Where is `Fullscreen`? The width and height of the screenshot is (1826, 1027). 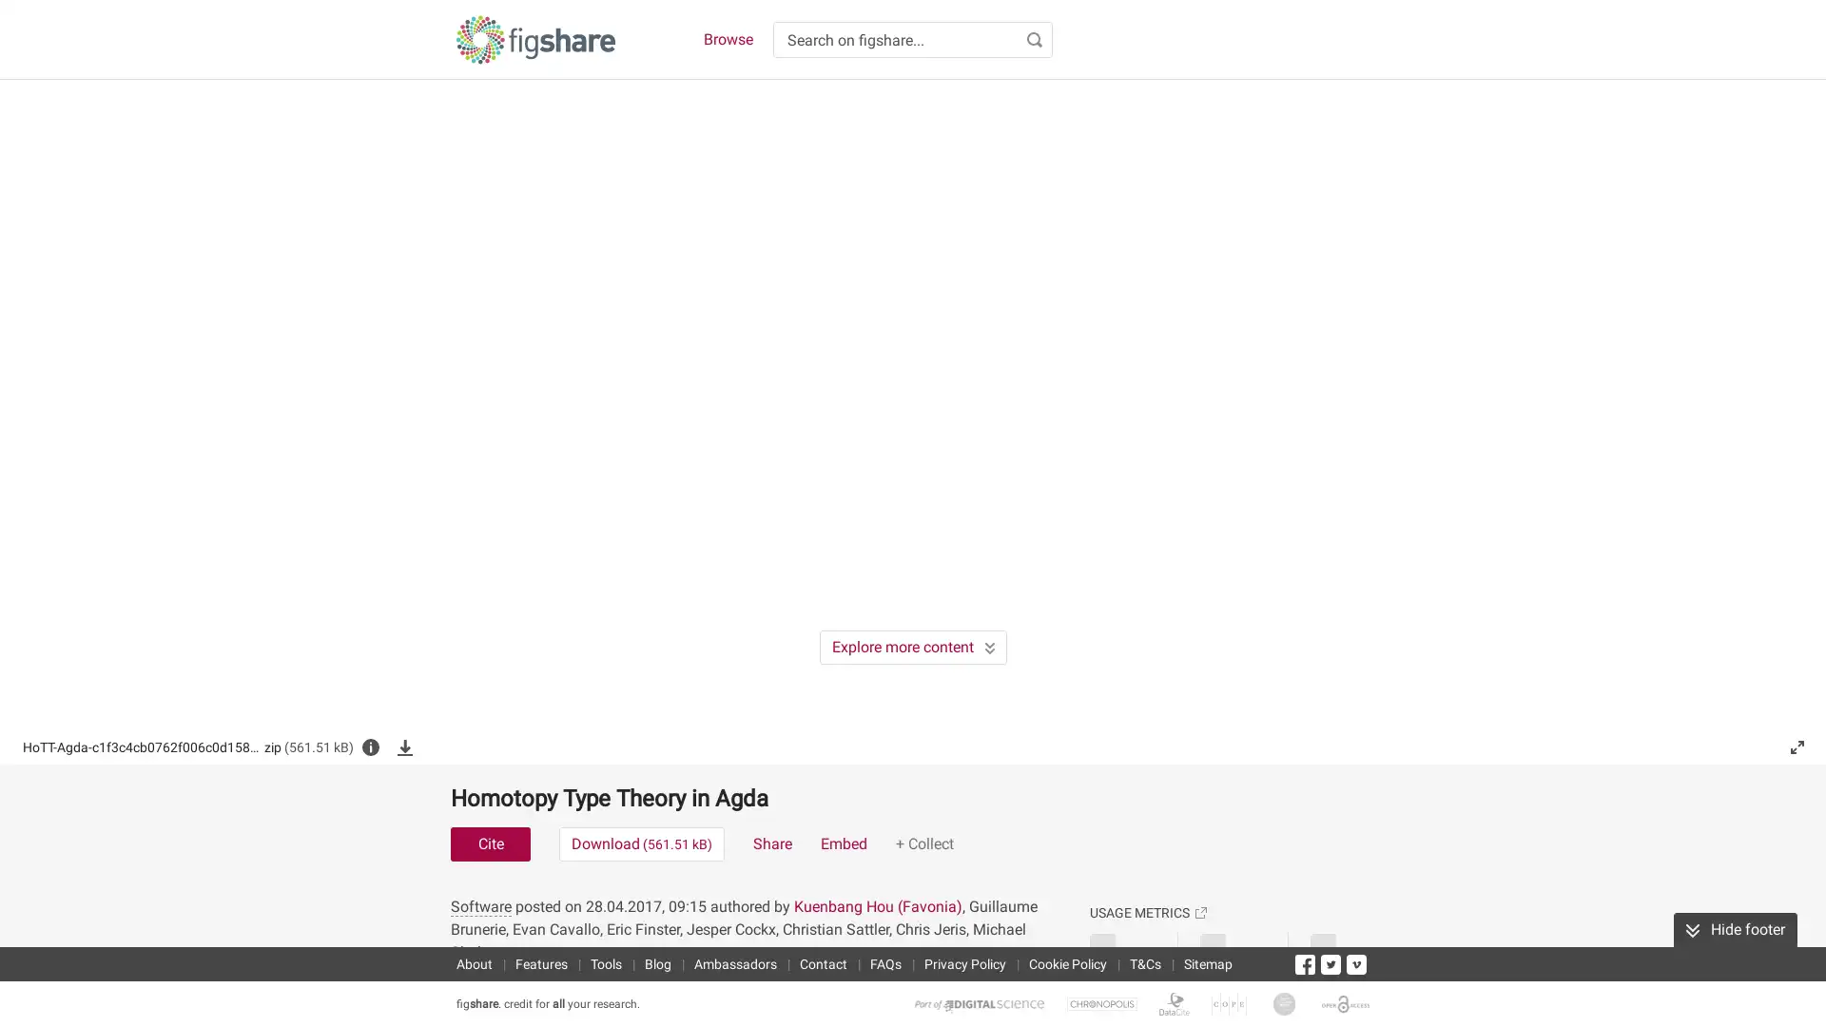
Fullscreen is located at coordinates (1797, 810).